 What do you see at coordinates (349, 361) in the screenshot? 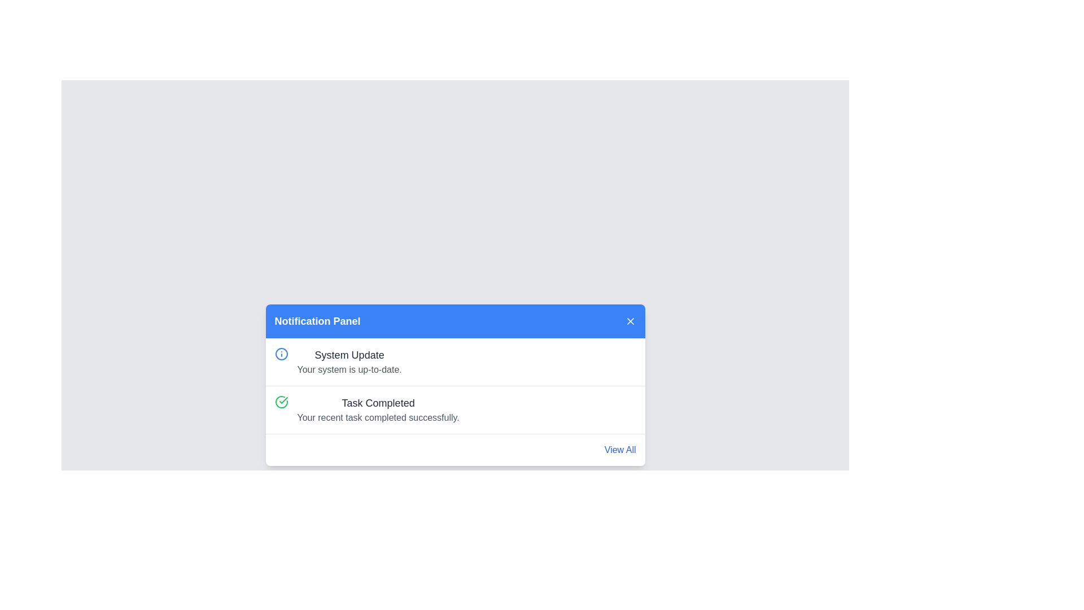
I see `the informational Text element that conveys the system's update status, located in the top section of the notification card` at bounding box center [349, 361].